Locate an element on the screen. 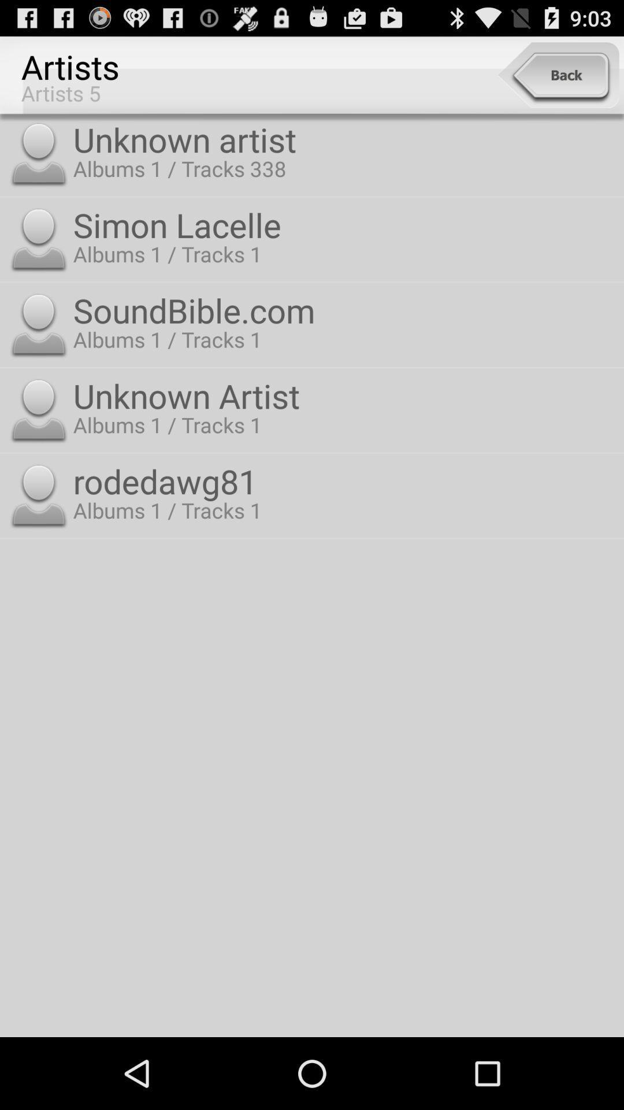 Image resolution: width=624 pixels, height=1110 pixels. icon next to the artists is located at coordinates (558, 75).